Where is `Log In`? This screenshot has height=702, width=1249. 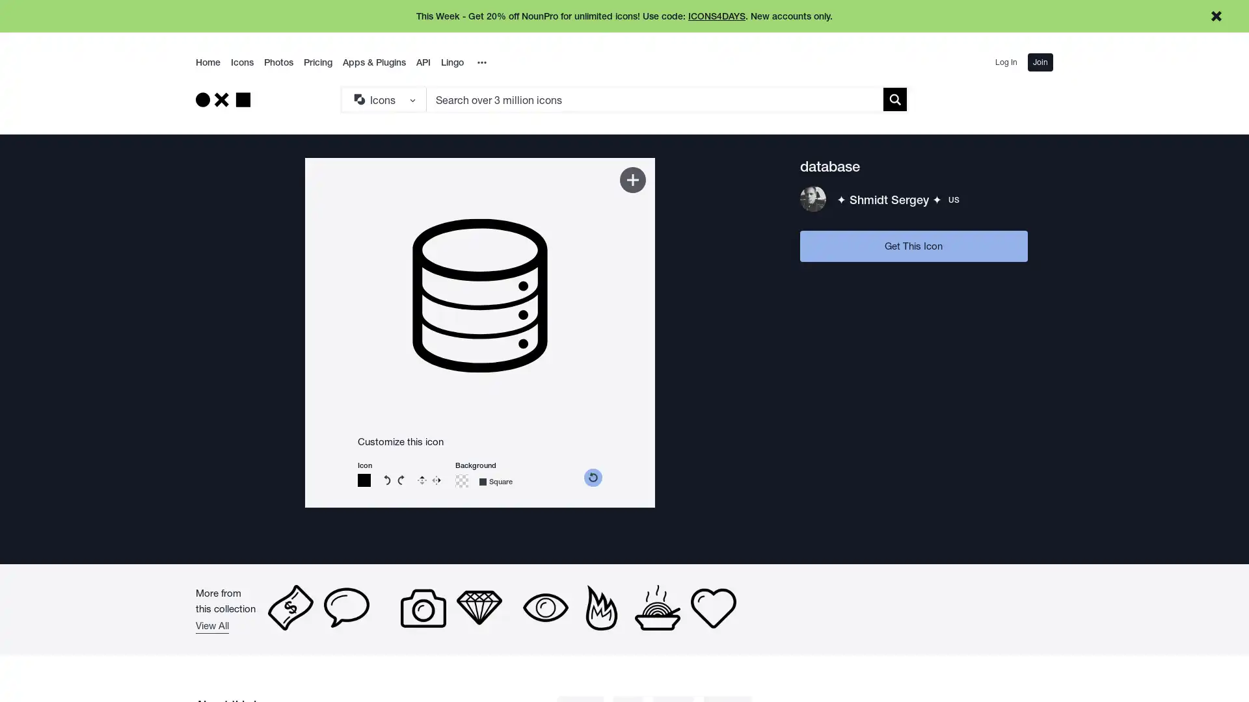 Log In is located at coordinates (1005, 62).